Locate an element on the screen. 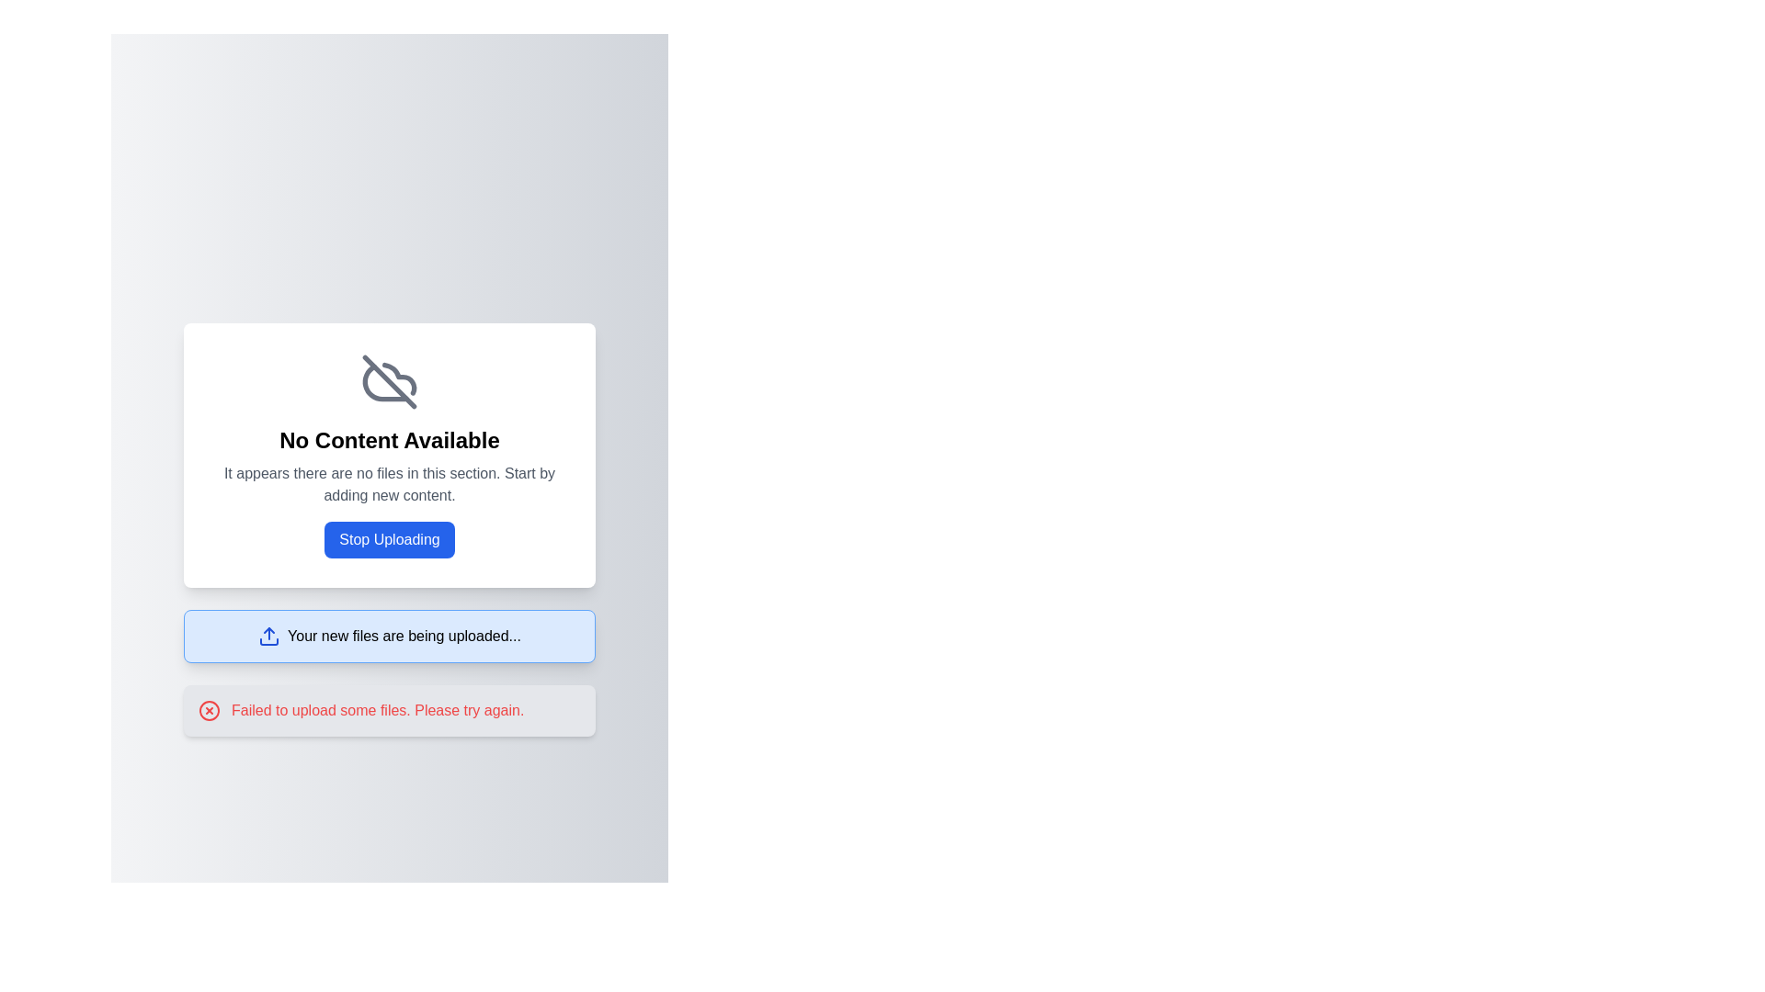  the unavailability icon in the SVG graphic element that indicates 'No Content Available', which is centrally located above the text message is located at coordinates (388, 380).